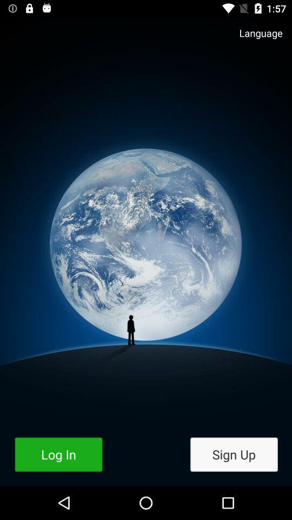 The width and height of the screenshot is (292, 520). Describe the element at coordinates (255, 38) in the screenshot. I see `the button above sign up icon` at that location.